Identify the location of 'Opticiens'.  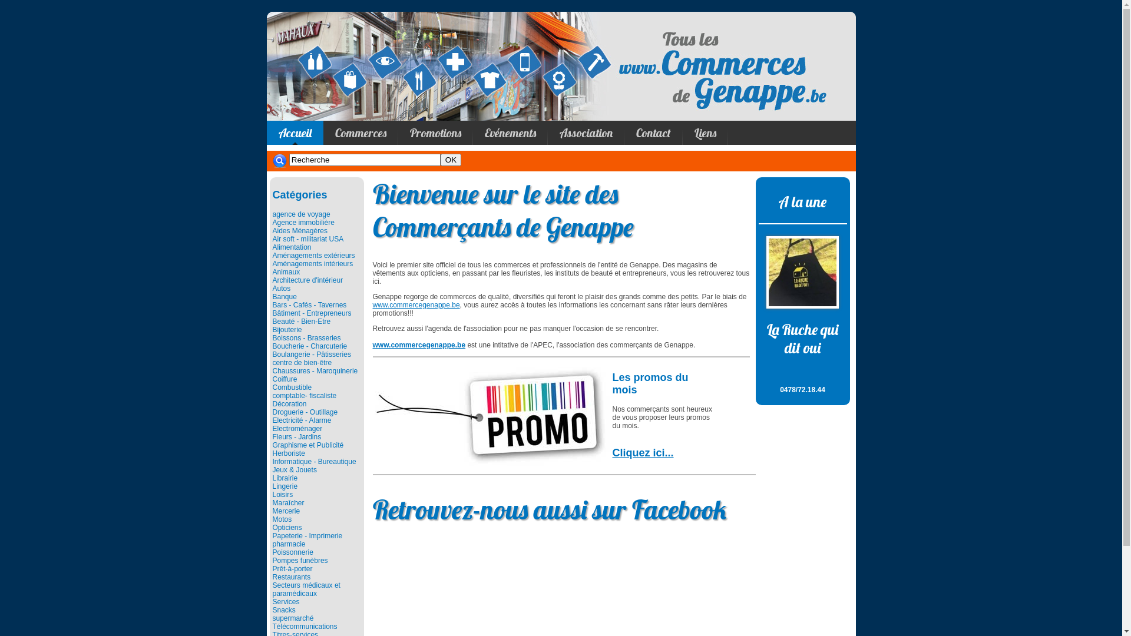
(286, 526).